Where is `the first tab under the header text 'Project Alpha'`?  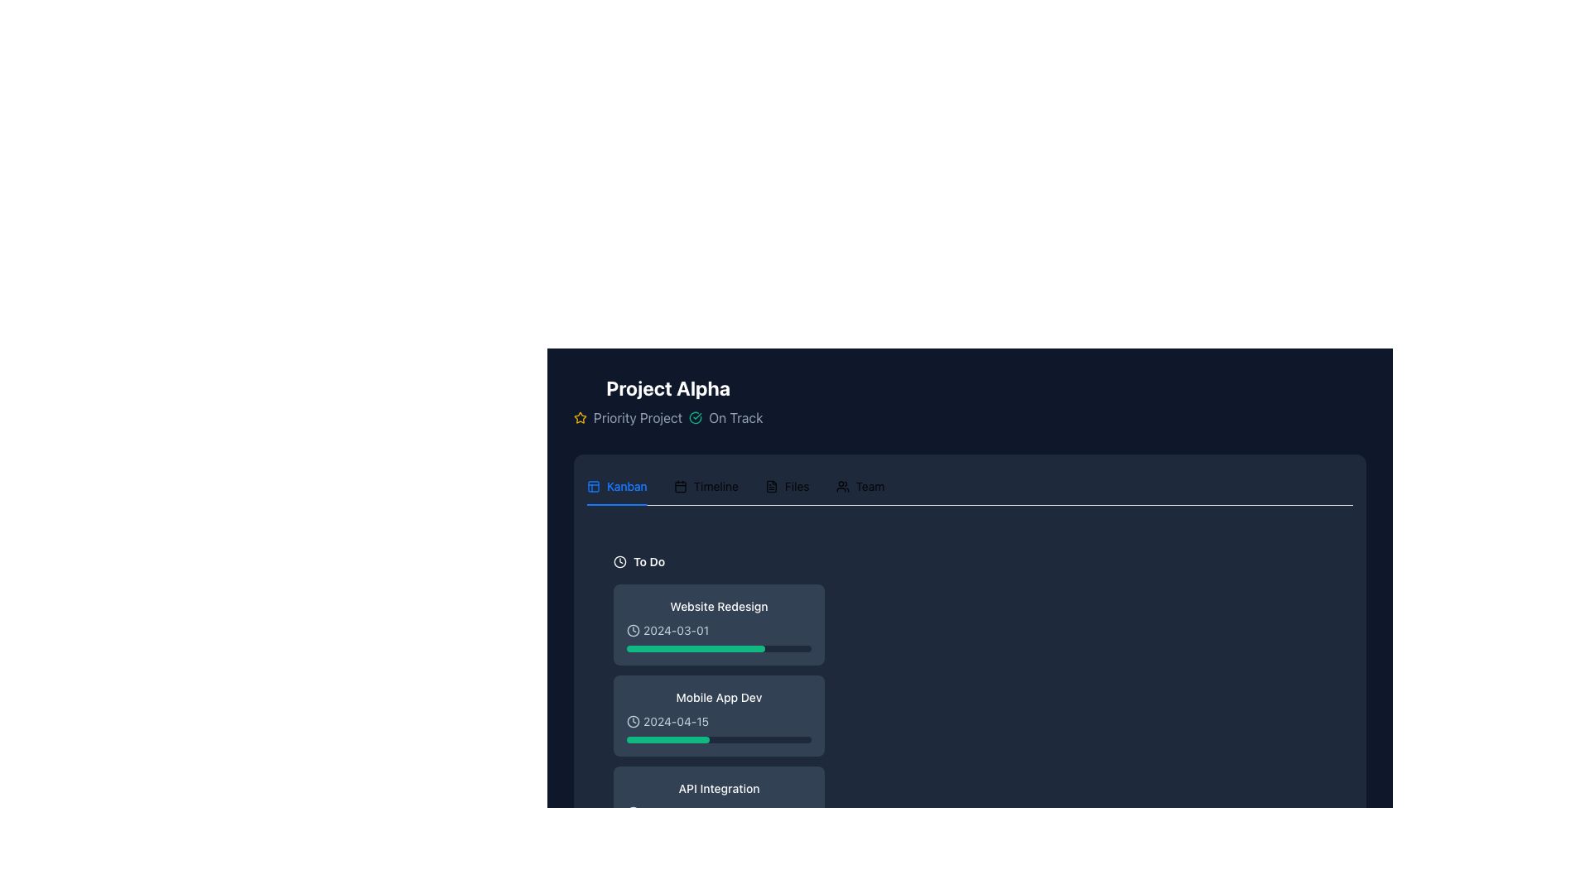 the first tab under the header text 'Project Alpha' is located at coordinates (616, 485).